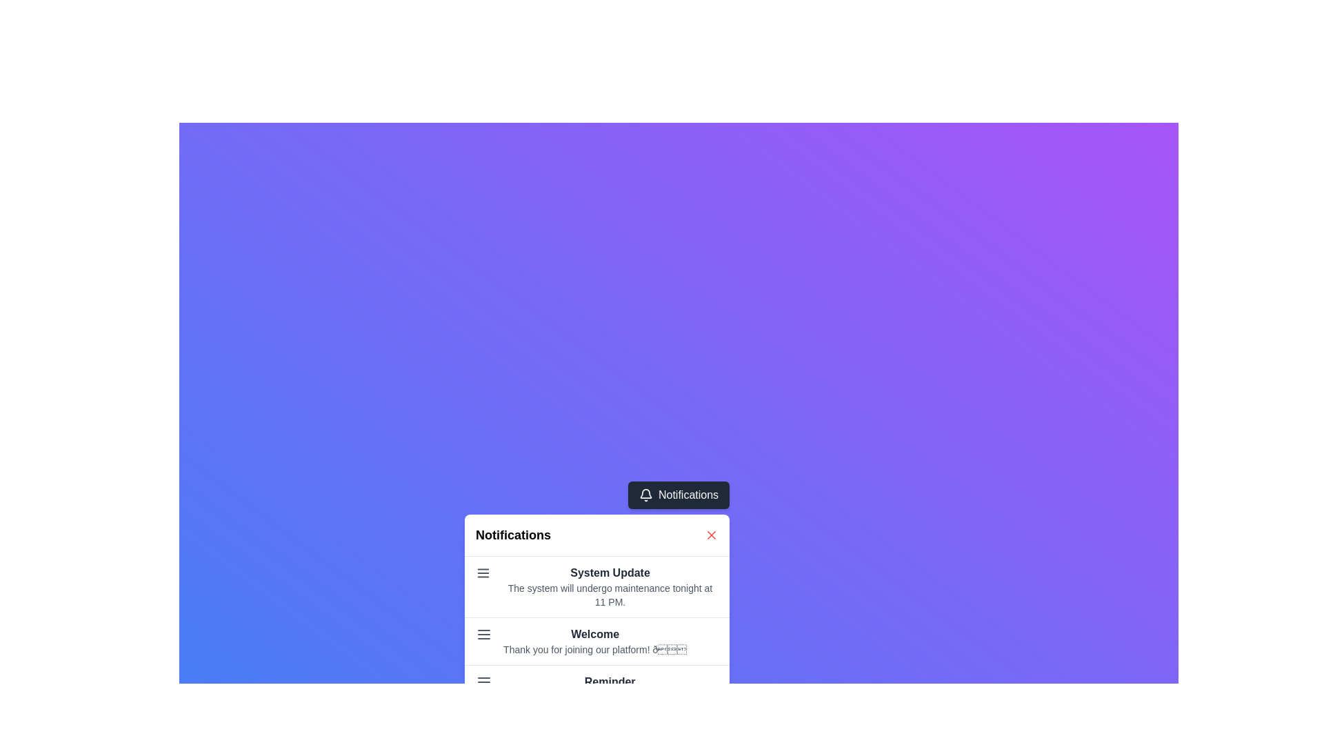  I want to click on the SVG icon representing the menu indicator, which is aligned with the notification titled 'Welcome' and the text 'Thank you for joining our platform! 🎉', so click(484, 635).